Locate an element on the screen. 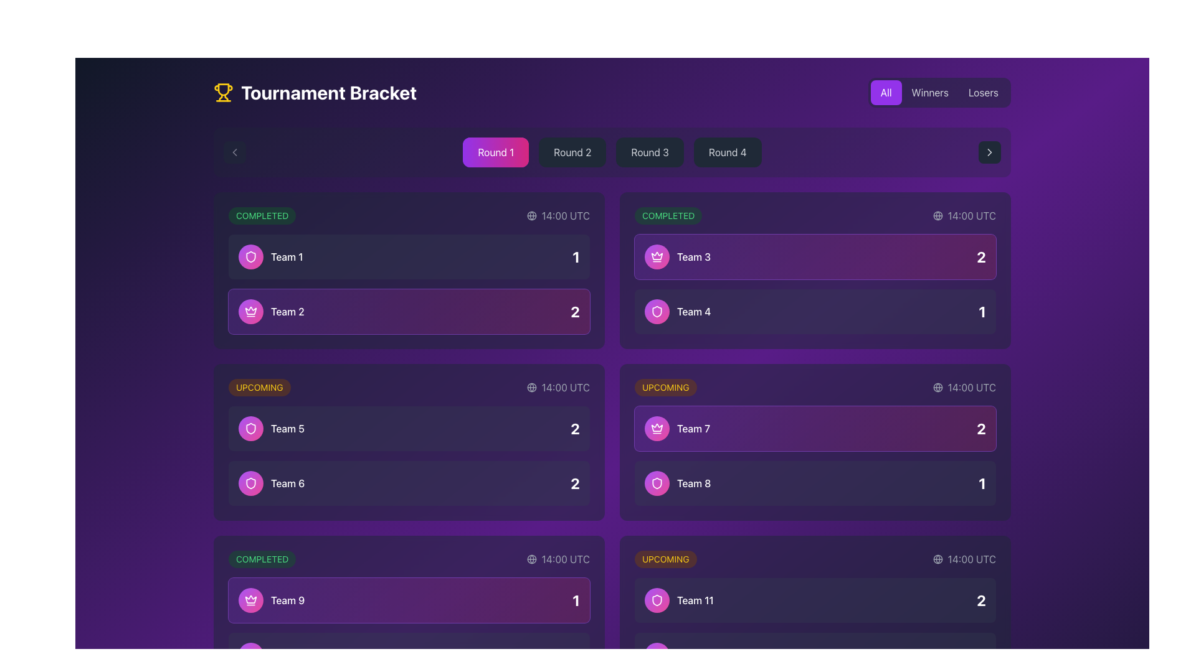 This screenshot has width=1196, height=672. the text label displaying 'Team 11' which is located in the 'Upcoming' section, to the right of a circular icon with a shield symbol is located at coordinates (695, 599).